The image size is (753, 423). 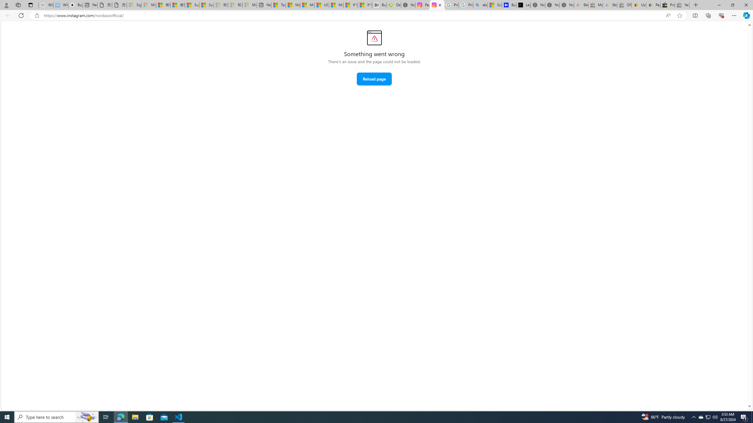 I want to click on 'alabama high school quarterback dies - Search', so click(x=480, y=5).